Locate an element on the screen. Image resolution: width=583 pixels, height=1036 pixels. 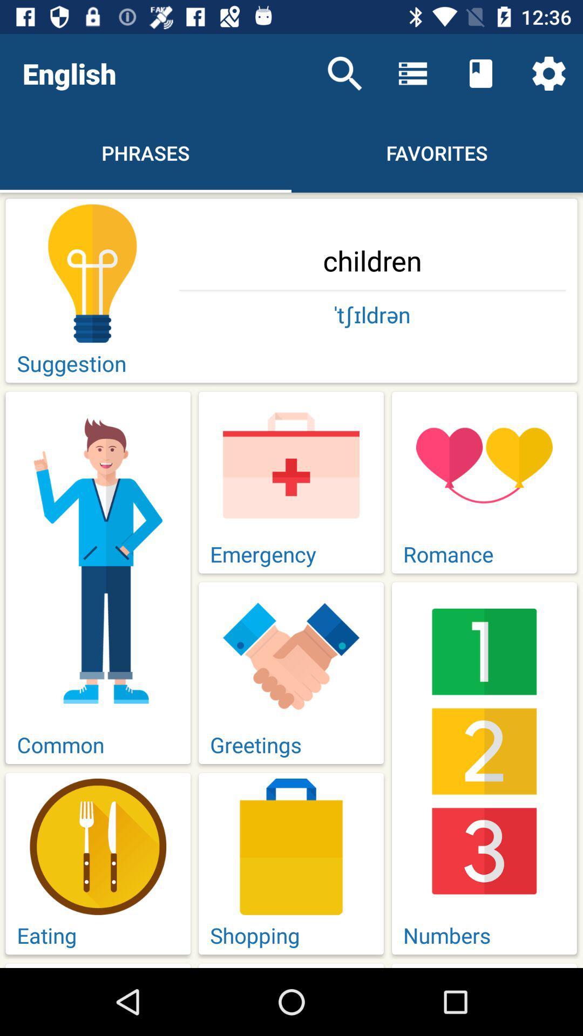
the icon above the children item is located at coordinates (549, 73).